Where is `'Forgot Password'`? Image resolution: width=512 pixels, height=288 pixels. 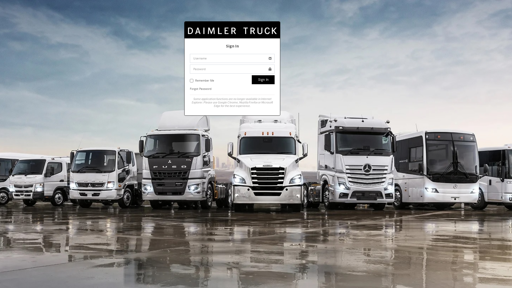 'Forgot Password' is located at coordinates (200, 88).